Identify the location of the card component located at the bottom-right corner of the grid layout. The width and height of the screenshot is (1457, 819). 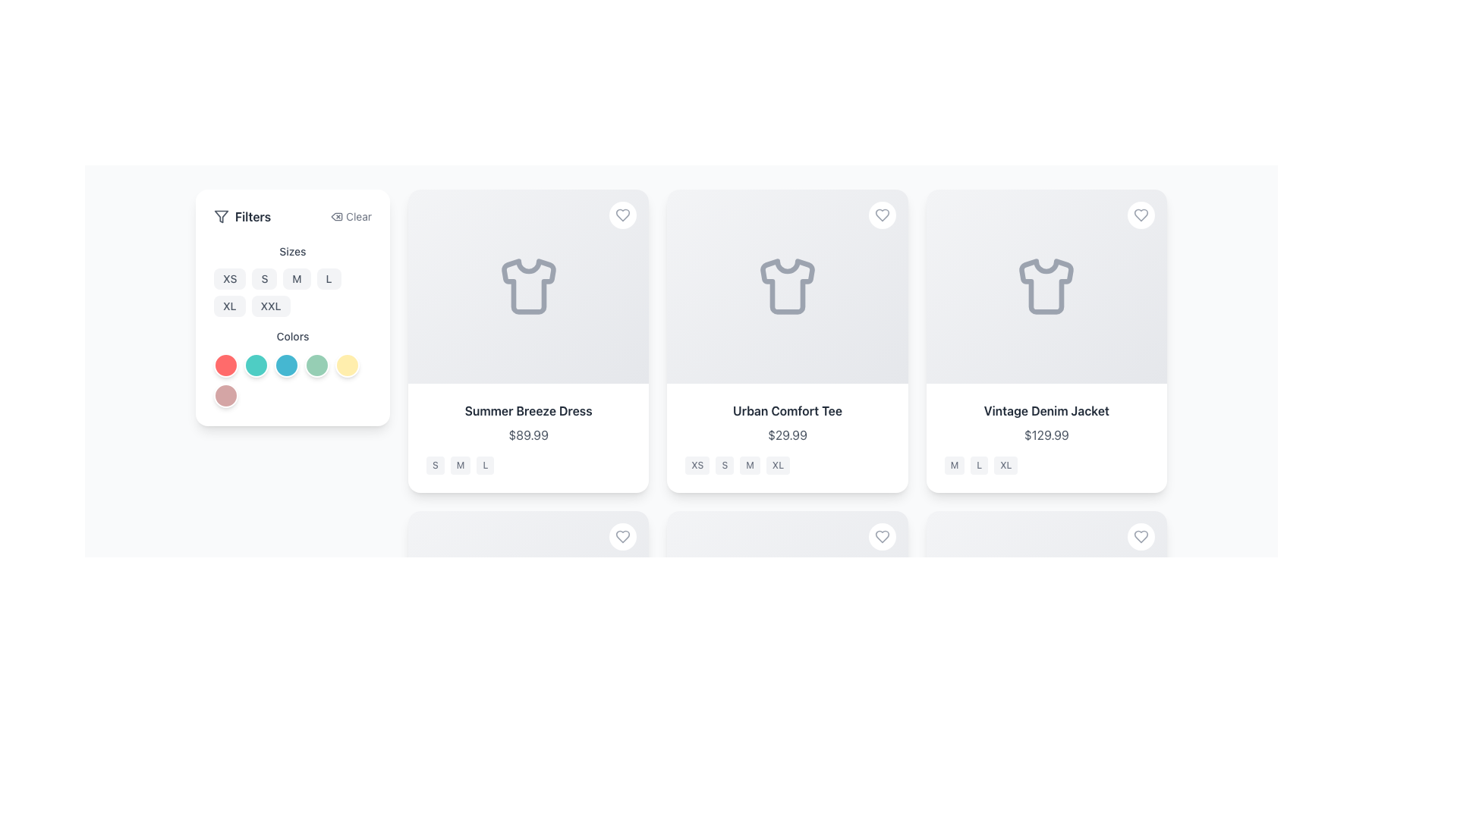
(1046, 662).